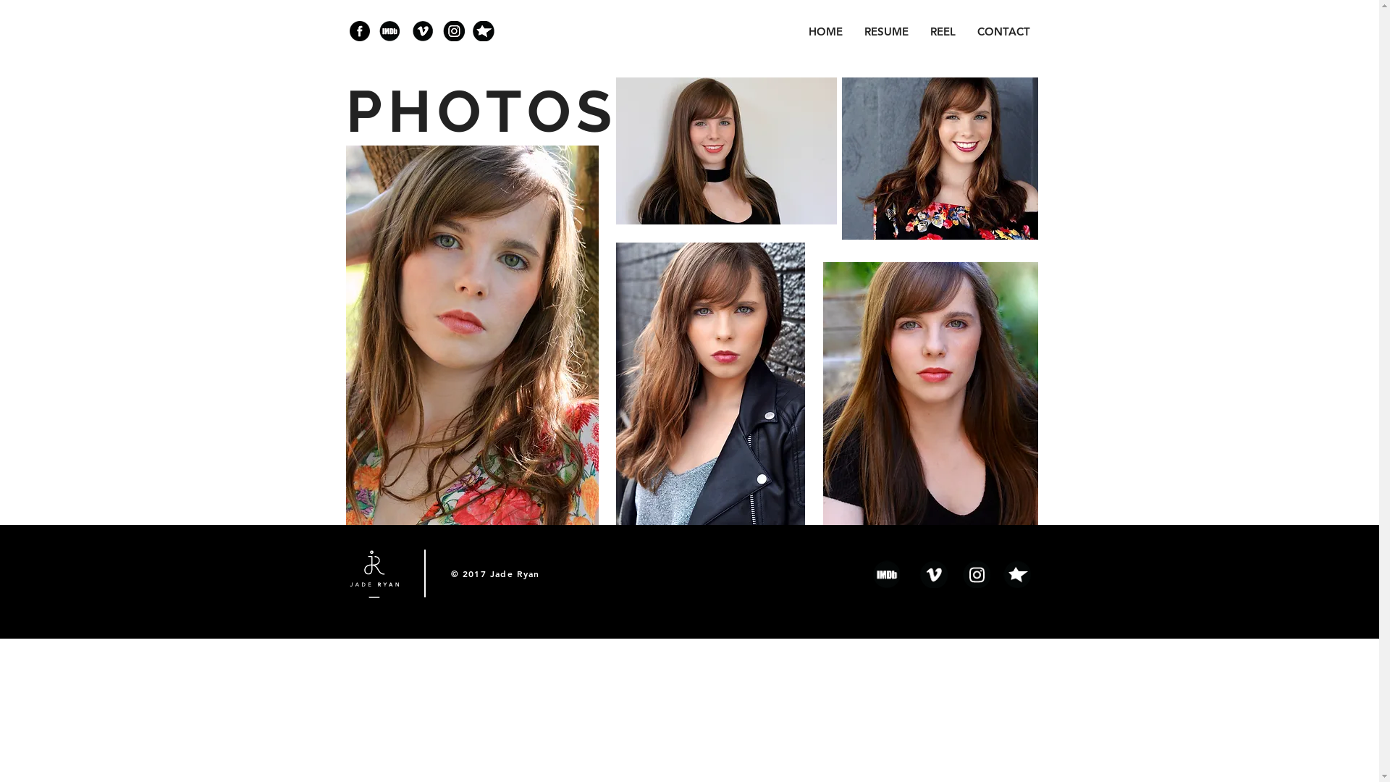 This screenshot has height=782, width=1390. I want to click on 'RESUME', so click(885, 31).